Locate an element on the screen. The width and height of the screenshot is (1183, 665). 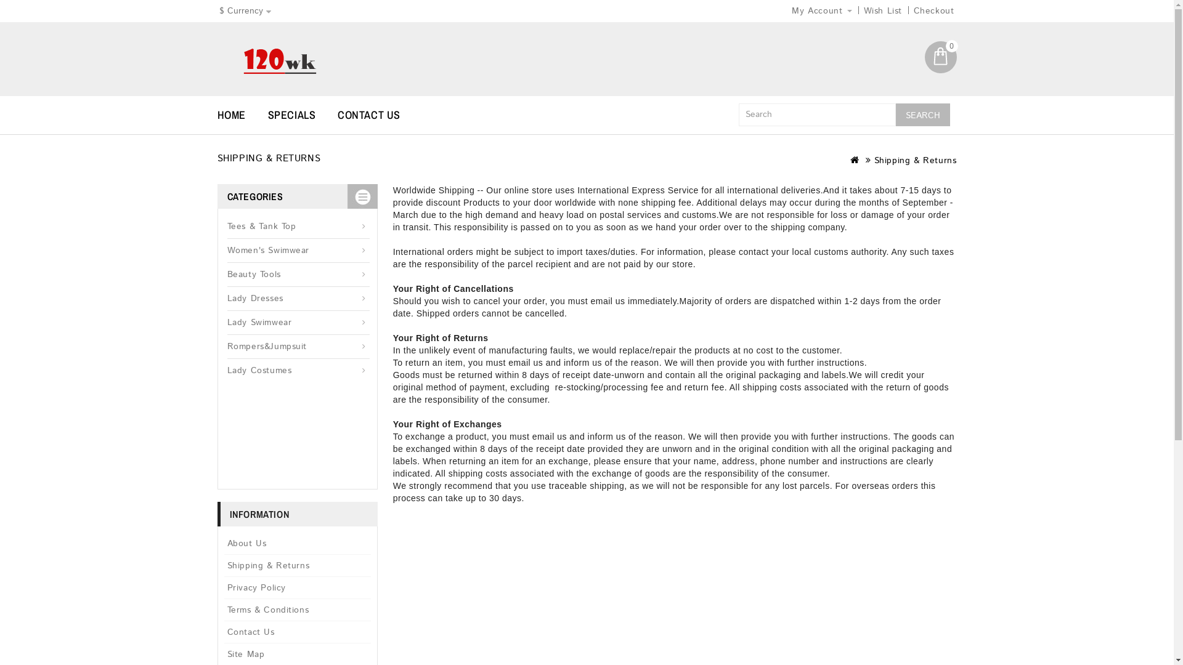
'Tees & Tank Top' is located at coordinates (298, 227).